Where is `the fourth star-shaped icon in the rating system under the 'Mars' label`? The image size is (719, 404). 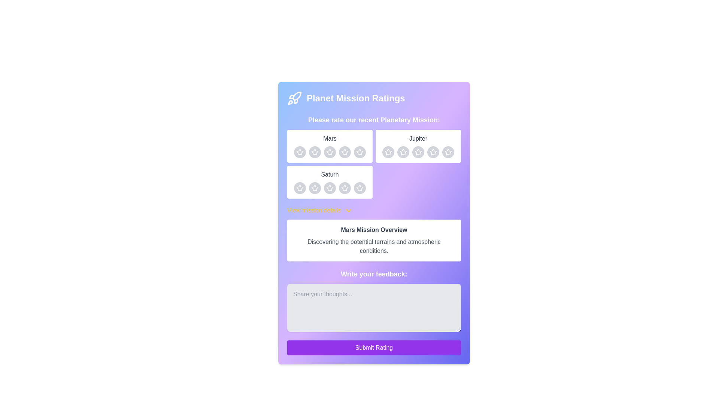 the fourth star-shaped icon in the rating system under the 'Mars' label is located at coordinates (359, 152).